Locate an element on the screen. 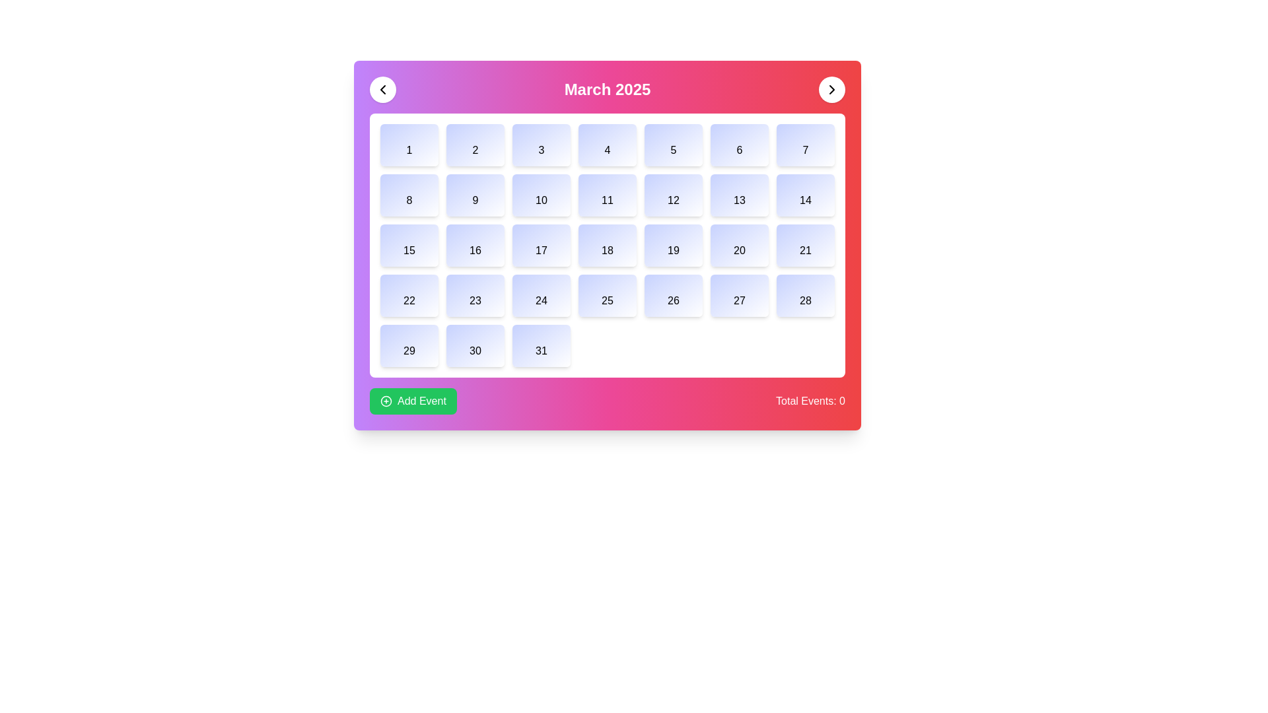 The width and height of the screenshot is (1268, 713). the boxed text item displaying '28' in the bottom right corner of the grid is located at coordinates (804, 294).